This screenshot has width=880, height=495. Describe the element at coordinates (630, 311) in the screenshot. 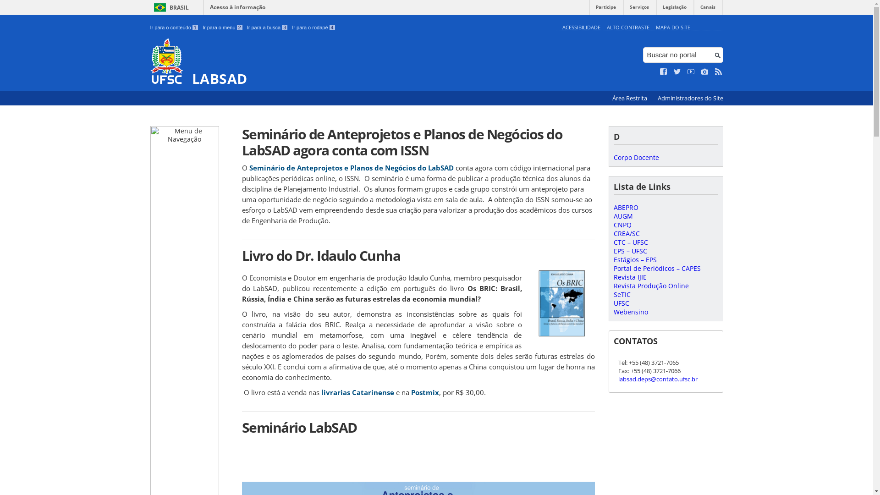

I see `'Webensino'` at that location.